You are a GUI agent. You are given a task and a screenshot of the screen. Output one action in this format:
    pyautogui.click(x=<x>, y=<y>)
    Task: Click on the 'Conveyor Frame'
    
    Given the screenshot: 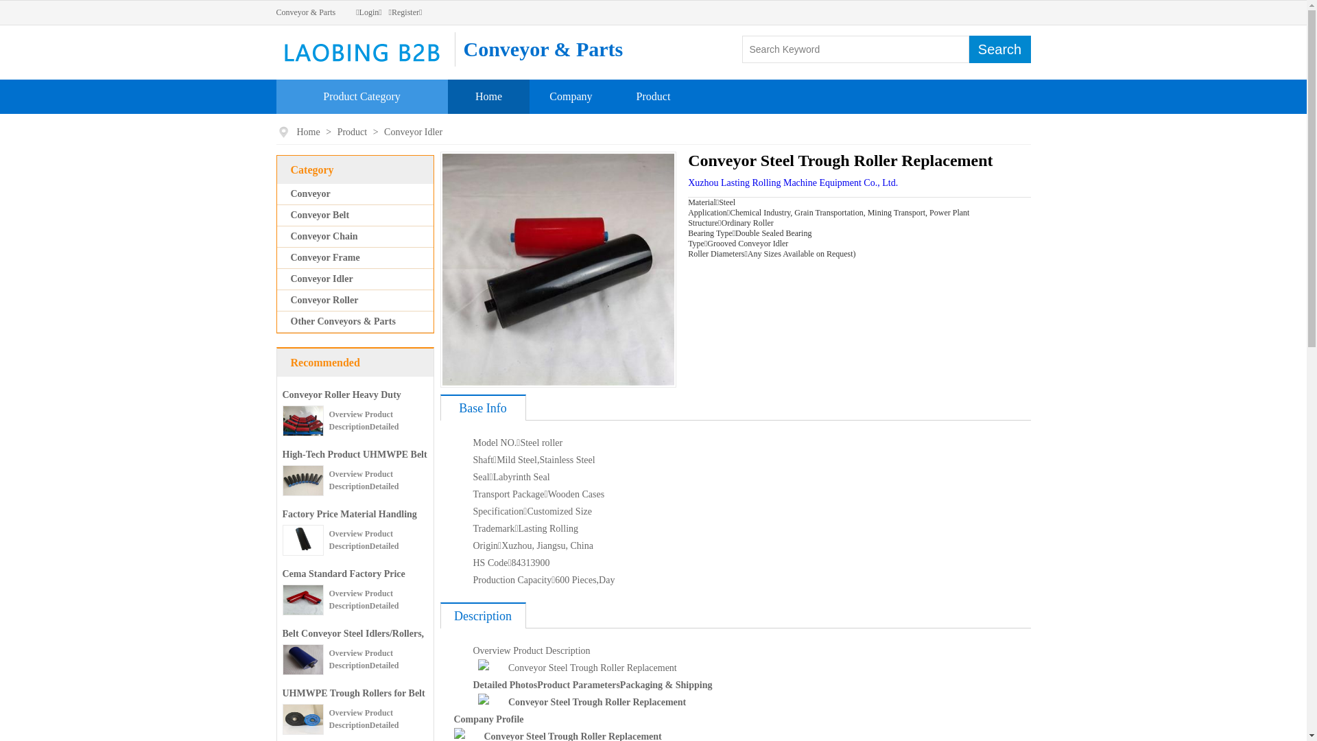 What is the action you would take?
    pyautogui.click(x=324, y=257)
    